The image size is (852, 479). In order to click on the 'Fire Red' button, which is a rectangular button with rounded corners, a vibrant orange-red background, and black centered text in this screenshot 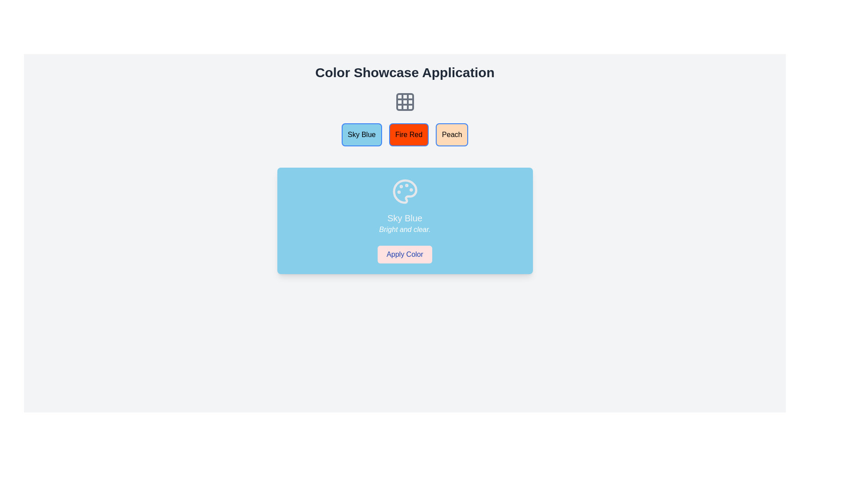, I will do `click(408, 135)`.